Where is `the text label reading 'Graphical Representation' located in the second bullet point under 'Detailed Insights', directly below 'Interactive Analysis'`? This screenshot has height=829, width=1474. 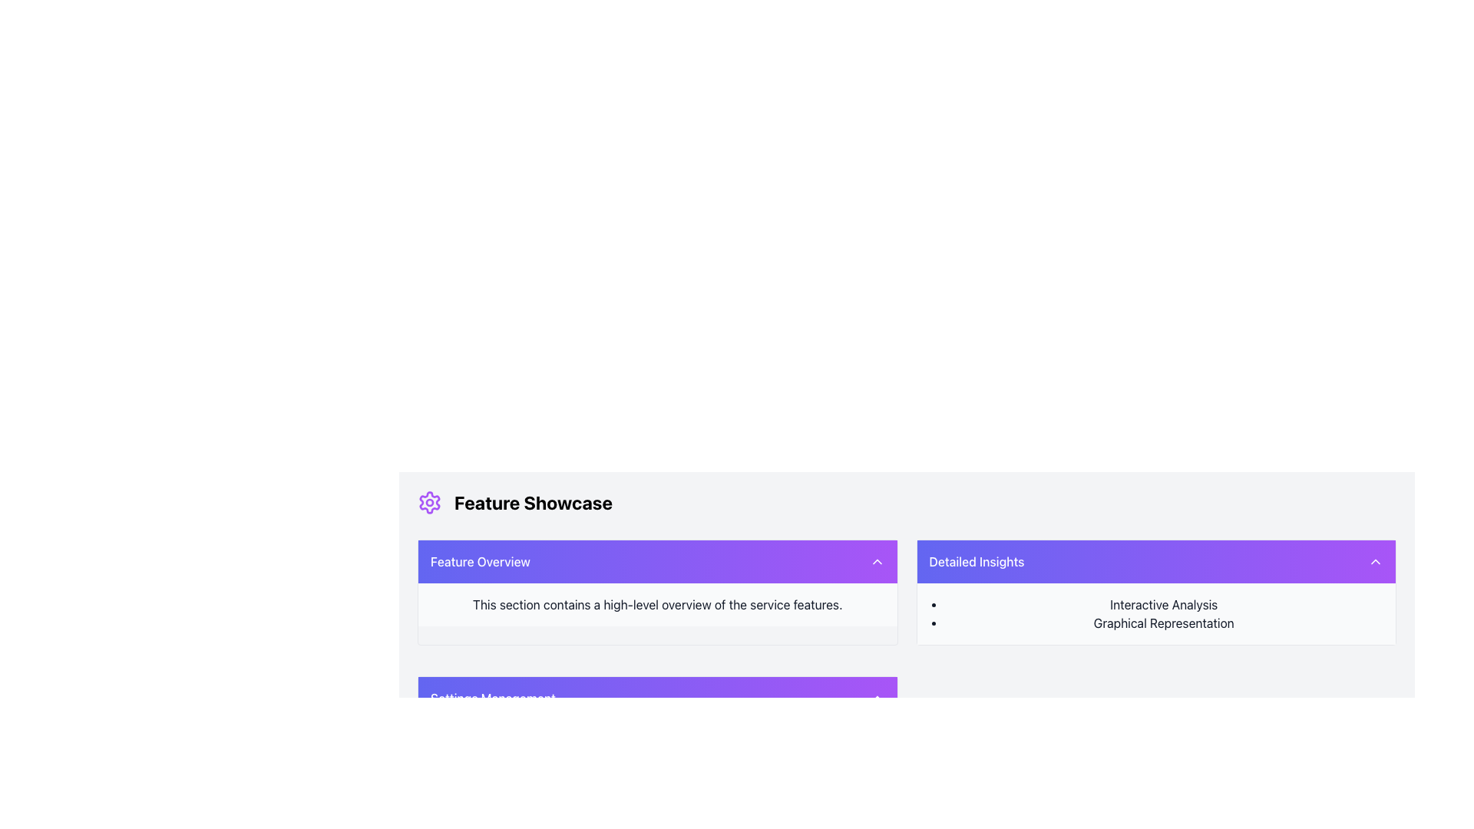
the text label reading 'Graphical Representation' located in the second bullet point under 'Detailed Insights', directly below 'Interactive Analysis' is located at coordinates (1164, 623).